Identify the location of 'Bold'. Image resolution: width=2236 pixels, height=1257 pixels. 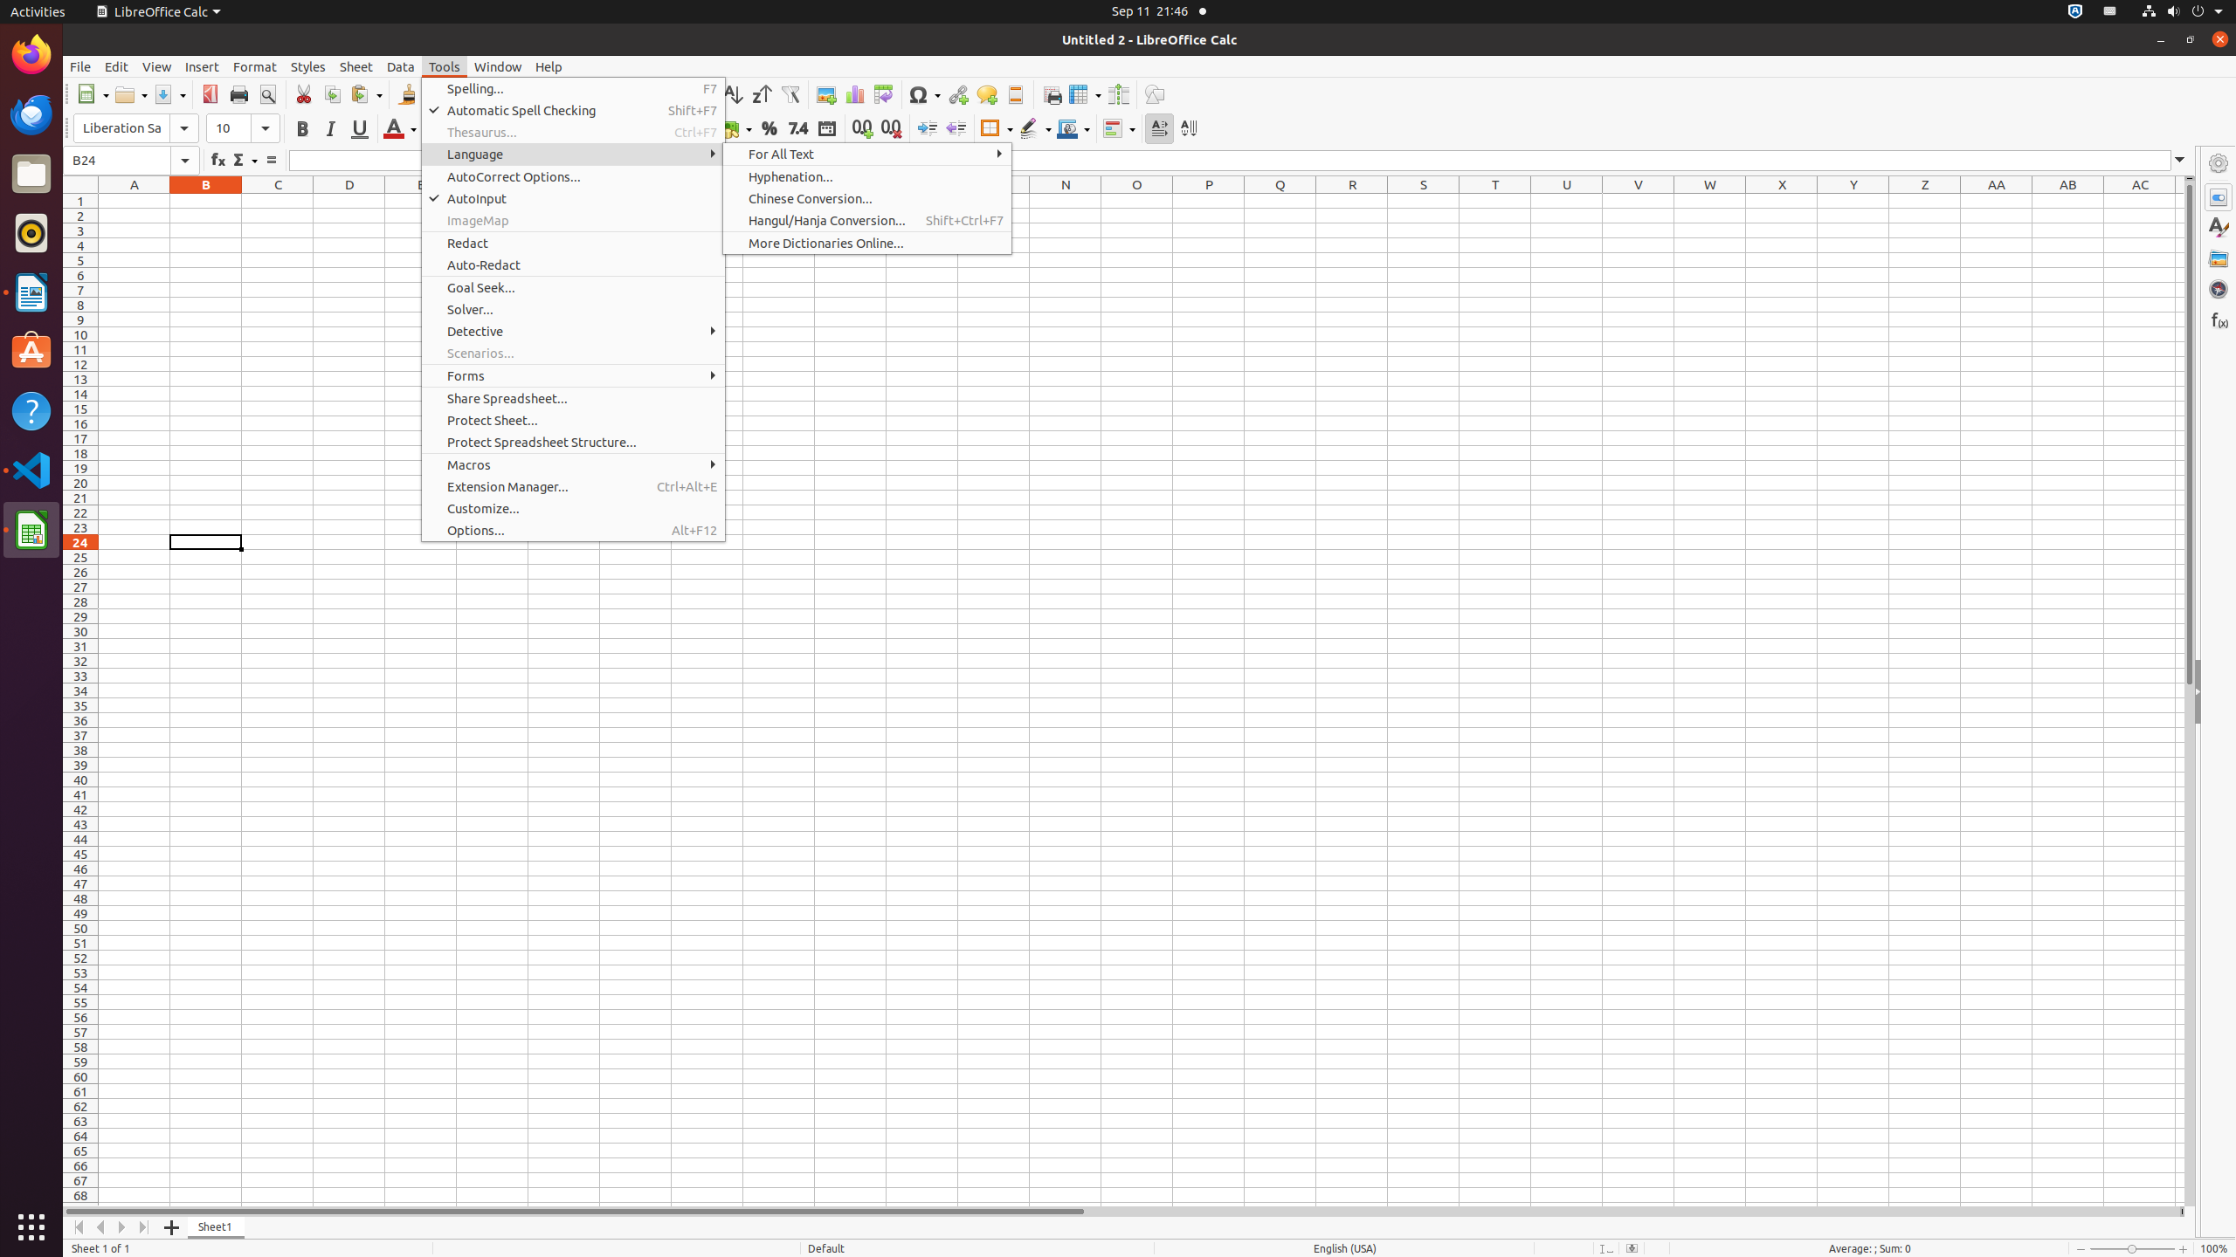
(301, 127).